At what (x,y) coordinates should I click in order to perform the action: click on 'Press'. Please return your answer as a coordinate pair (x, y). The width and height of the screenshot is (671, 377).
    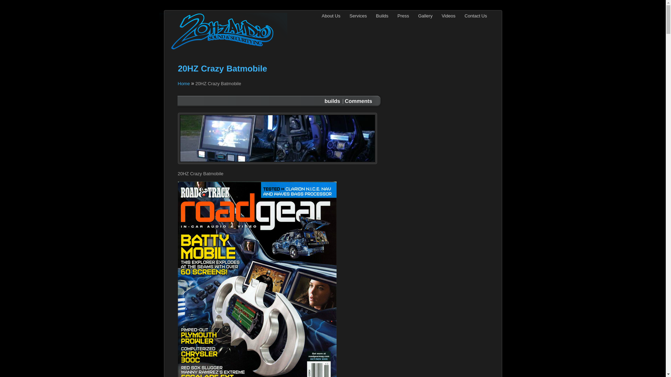
    Looking at the image, I should click on (403, 16).